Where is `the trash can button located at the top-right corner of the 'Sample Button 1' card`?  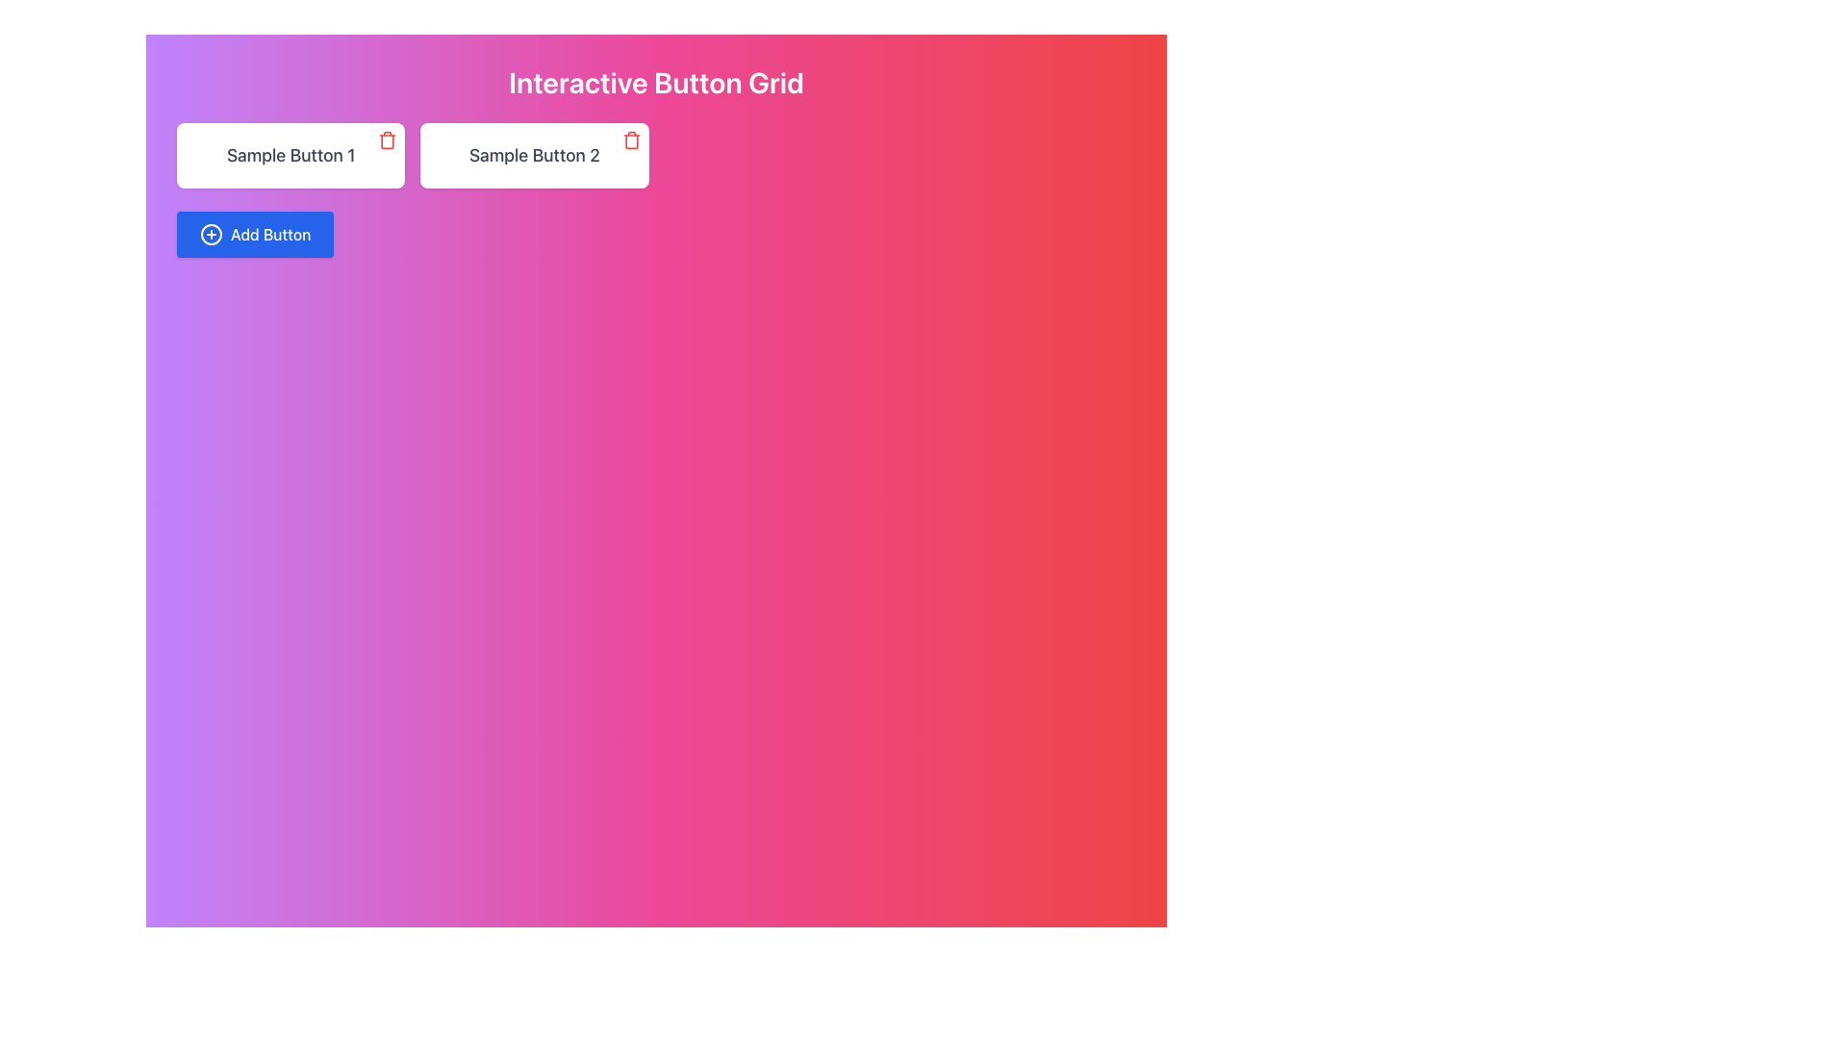
the trash can button located at the top-right corner of the 'Sample Button 1' card is located at coordinates (387, 139).